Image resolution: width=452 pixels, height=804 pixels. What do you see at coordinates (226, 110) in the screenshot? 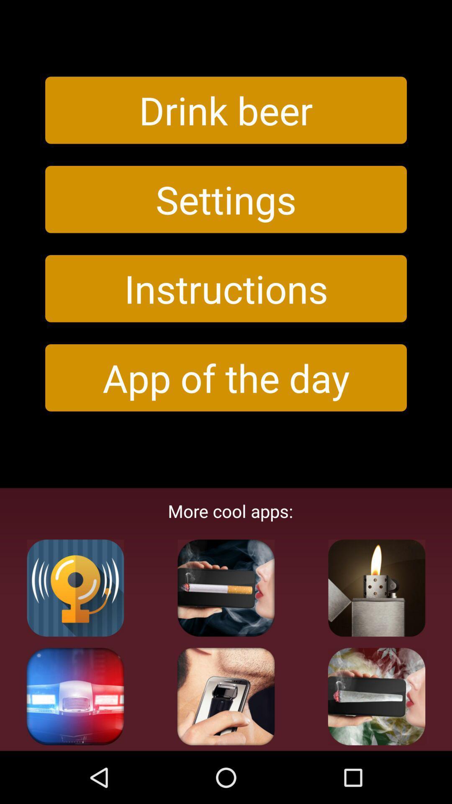
I see `drink beer item` at bounding box center [226, 110].